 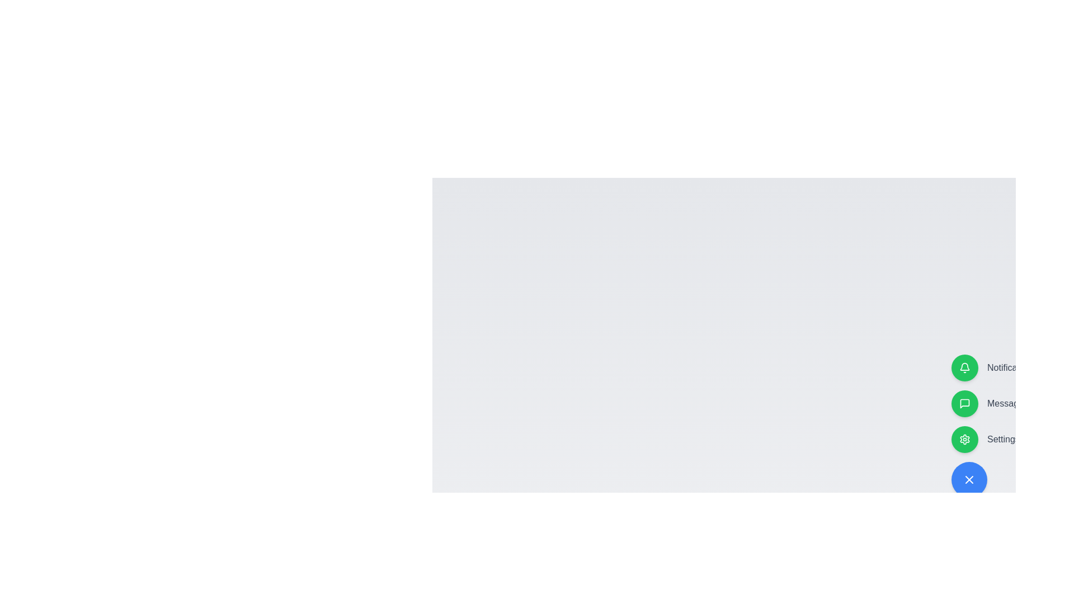 What do you see at coordinates (968, 479) in the screenshot?
I see `the main speed dial button to toggle the menu` at bounding box center [968, 479].